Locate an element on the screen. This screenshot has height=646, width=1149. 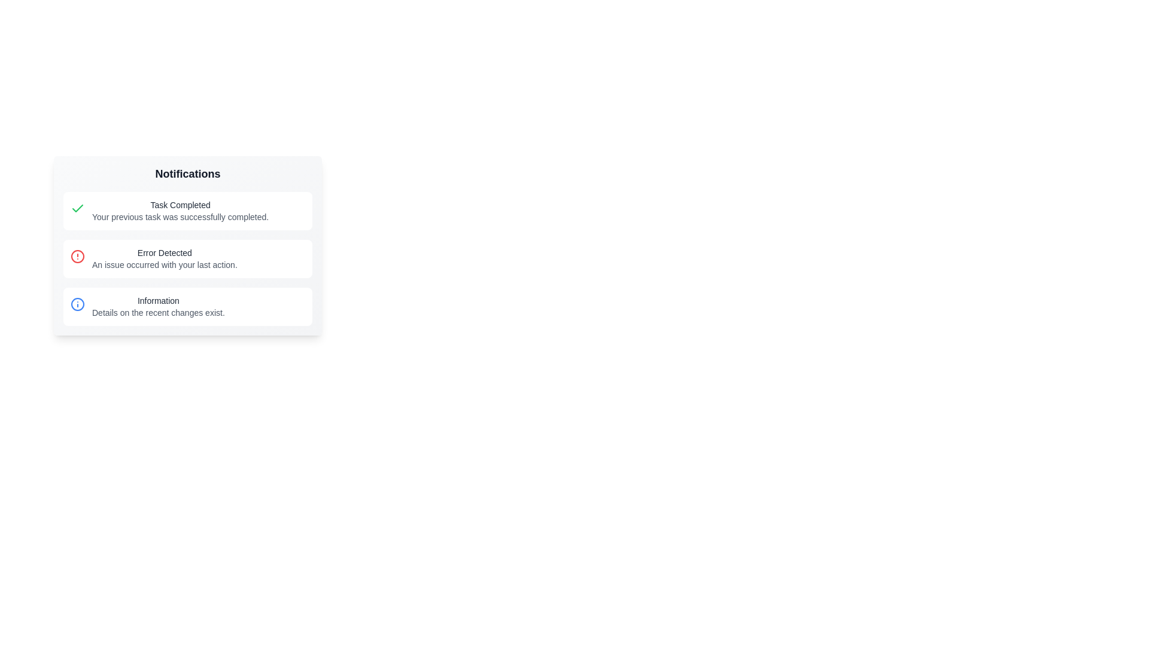
static text that provides additional details about the successful completion of a task, located under the 'Task Completed' title in the top notification card is located at coordinates (180, 217).